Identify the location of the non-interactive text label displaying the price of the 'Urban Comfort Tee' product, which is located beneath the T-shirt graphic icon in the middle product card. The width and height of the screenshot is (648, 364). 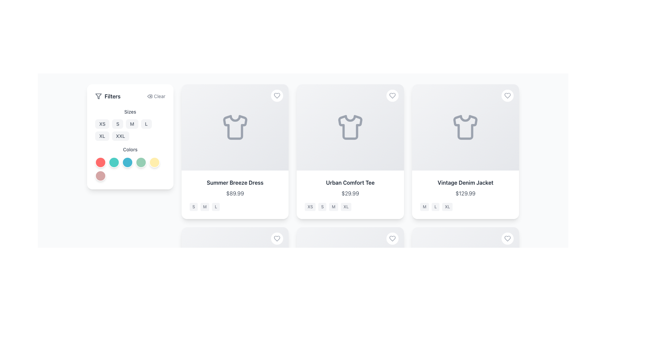
(350, 193).